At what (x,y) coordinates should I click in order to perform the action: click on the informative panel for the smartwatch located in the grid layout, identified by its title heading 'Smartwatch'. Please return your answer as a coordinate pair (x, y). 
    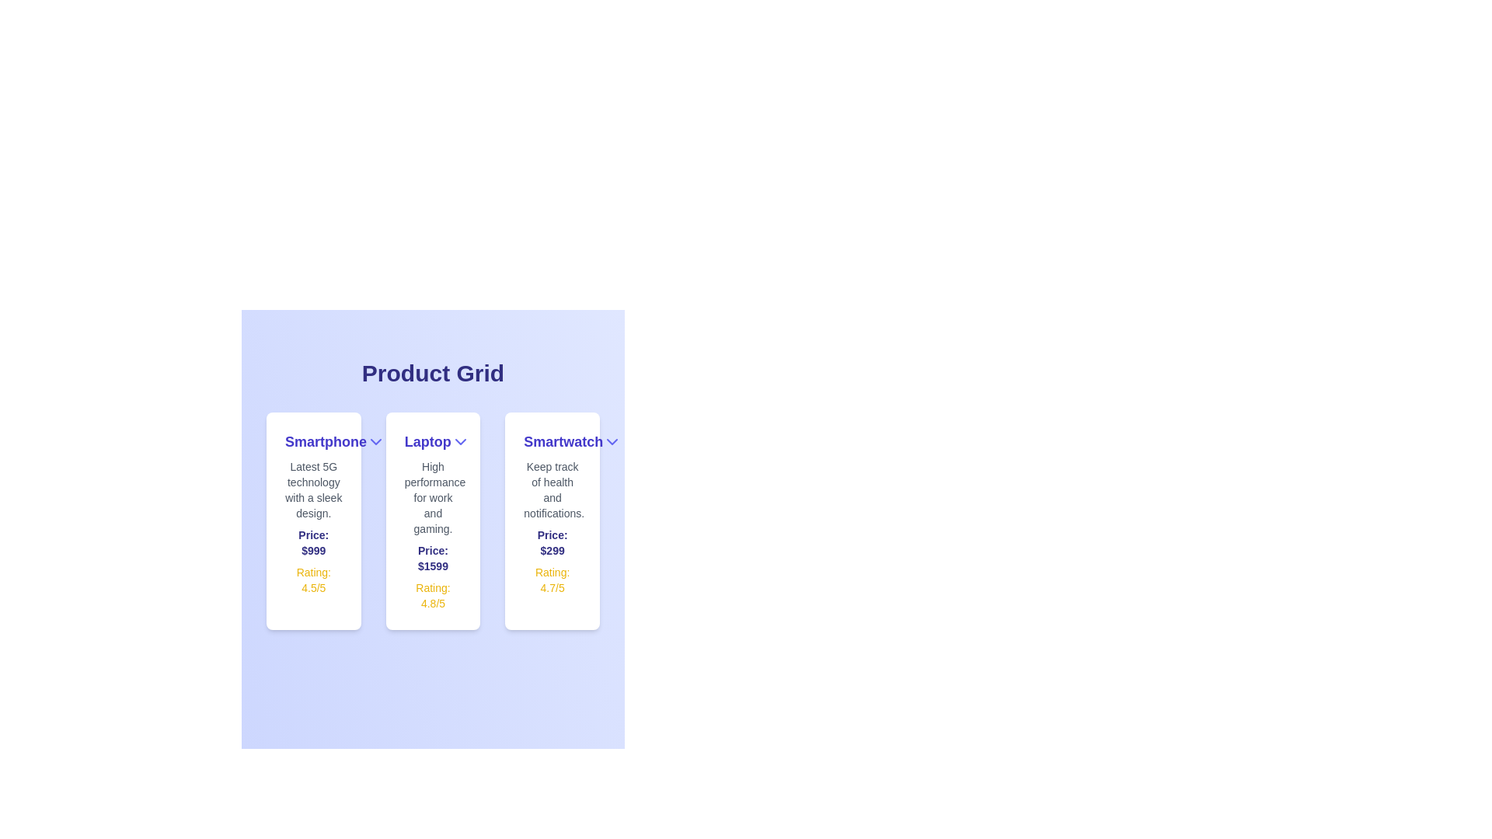
    Looking at the image, I should click on (553, 521).